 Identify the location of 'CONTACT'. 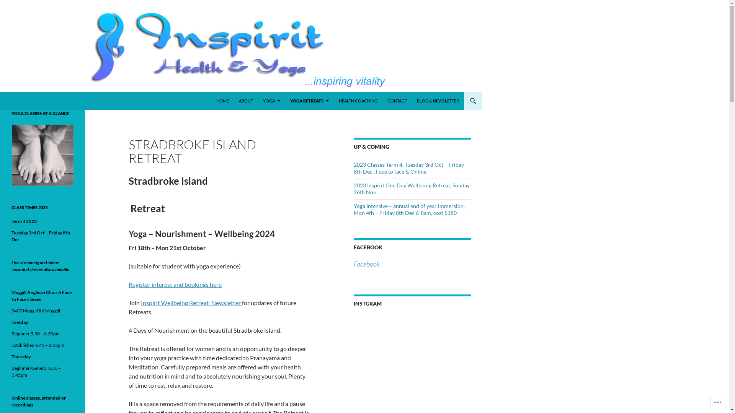
(397, 100).